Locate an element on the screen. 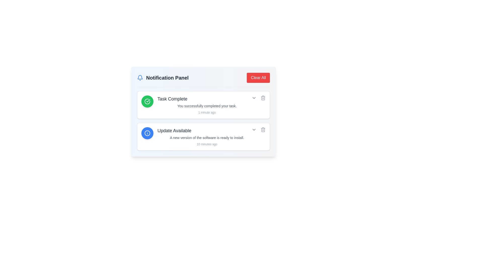 Image resolution: width=483 pixels, height=272 pixels. the centrally located trash bin icon in the 'Update Available' notification box, which symbolizes the delete or remove function is located at coordinates (263, 130).